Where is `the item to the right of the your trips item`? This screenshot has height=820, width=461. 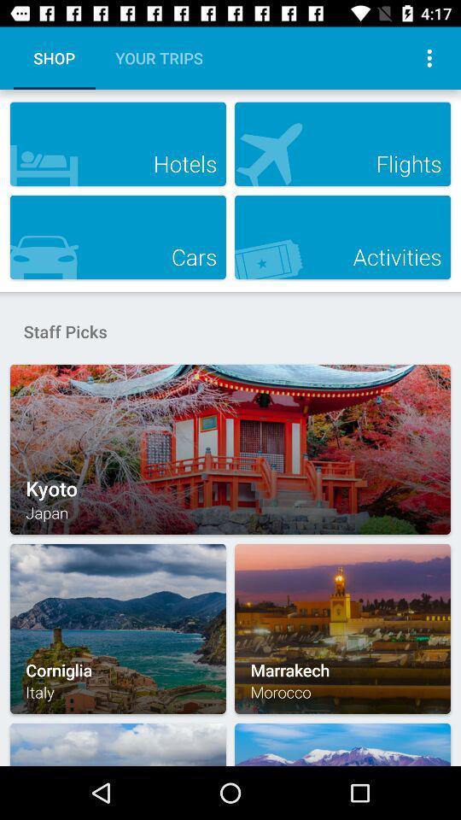
the item to the right of the your trips item is located at coordinates (429, 58).